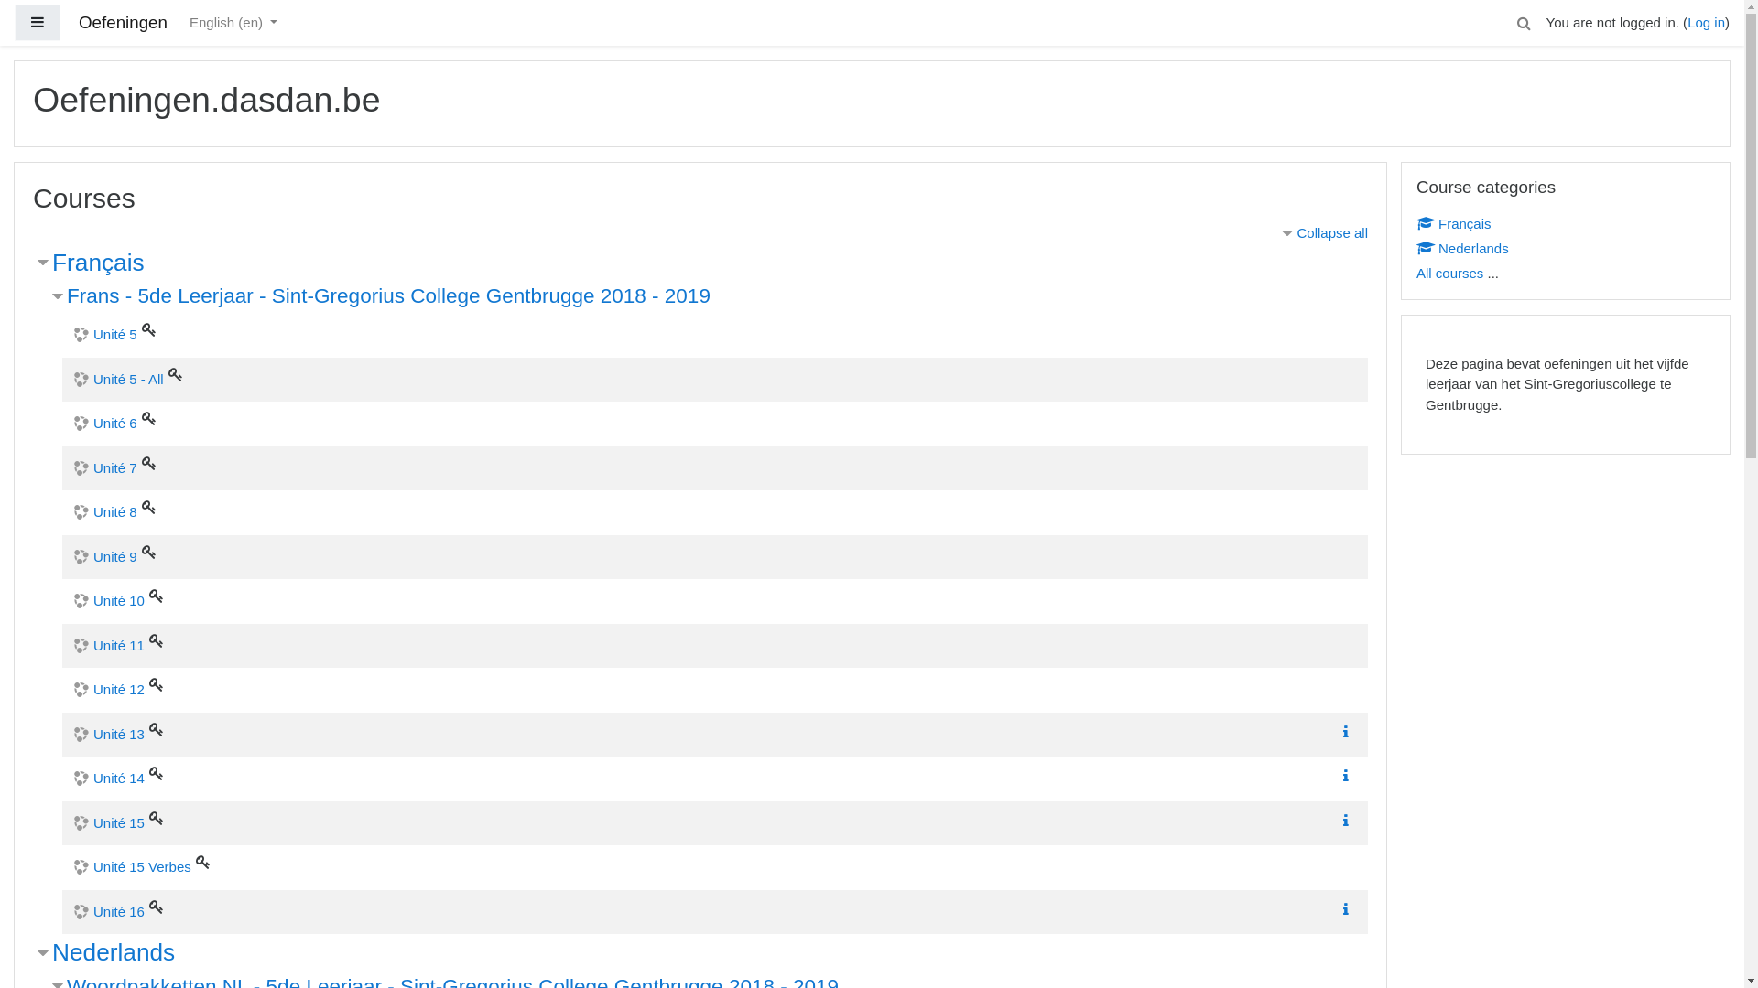  I want to click on 'Summary', so click(1339, 776).